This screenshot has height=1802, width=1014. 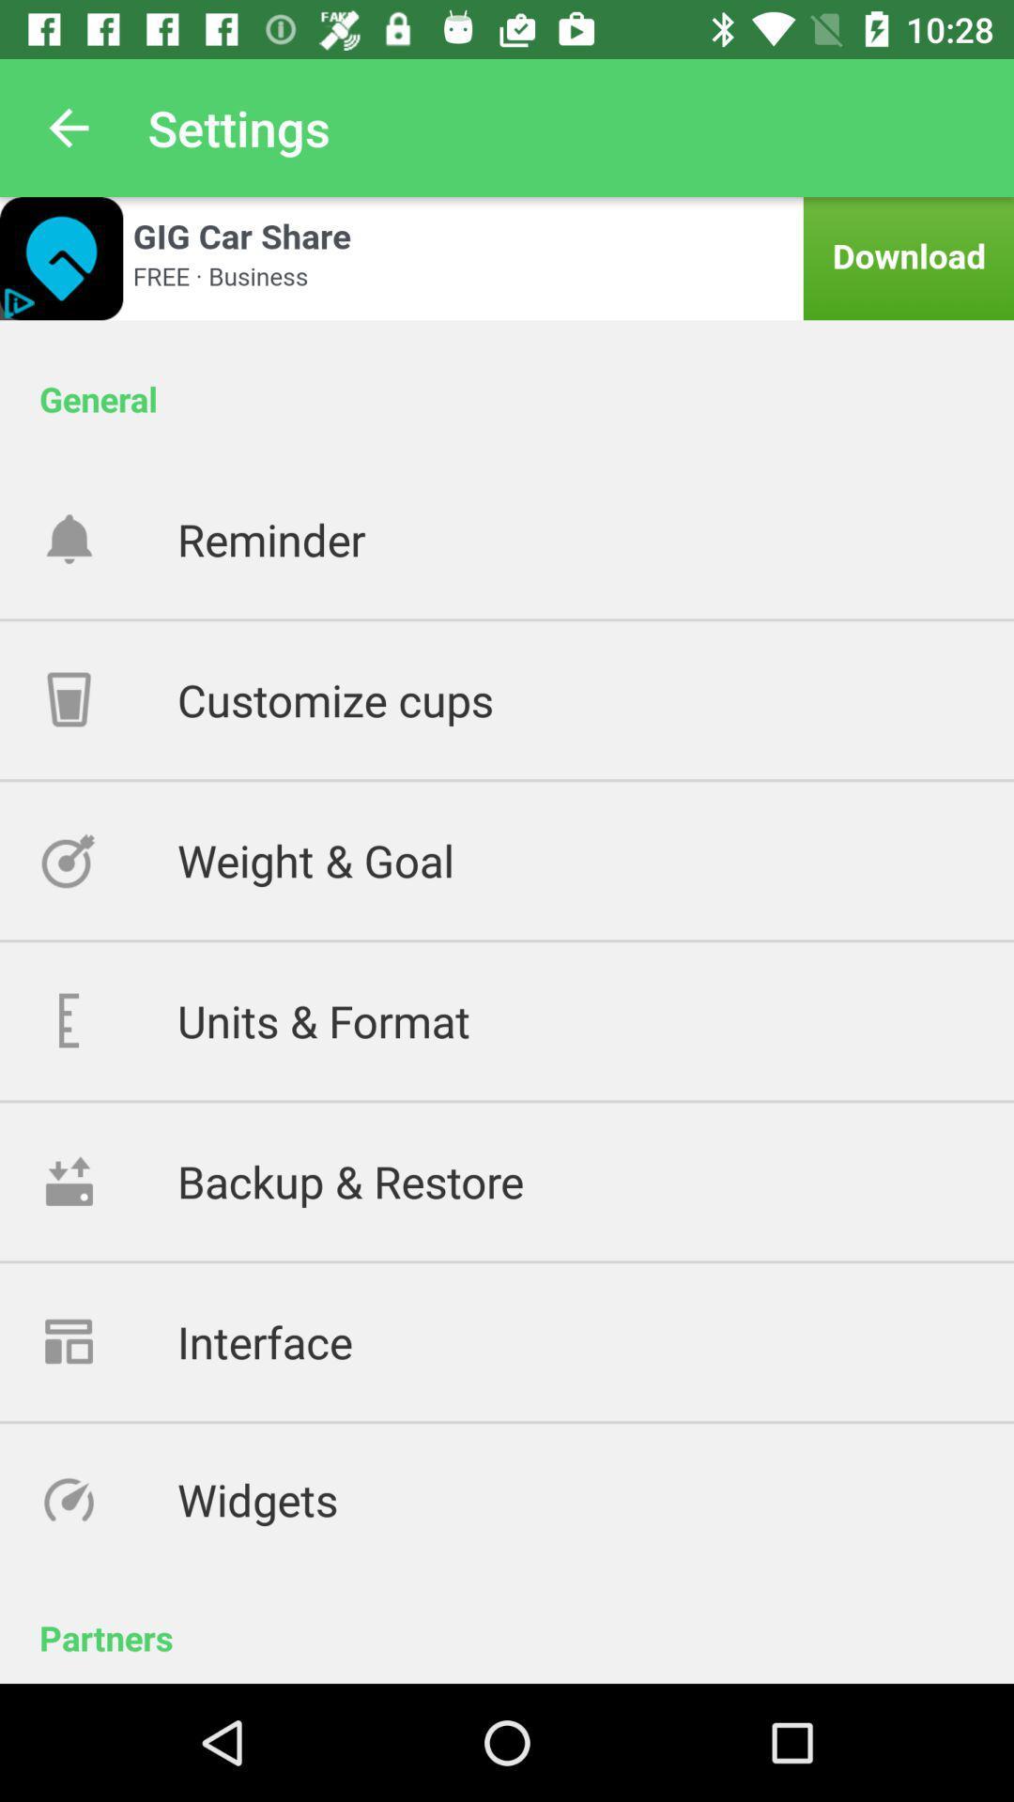 What do you see at coordinates (108, 1180) in the screenshot?
I see `the fifth icon from the top` at bounding box center [108, 1180].